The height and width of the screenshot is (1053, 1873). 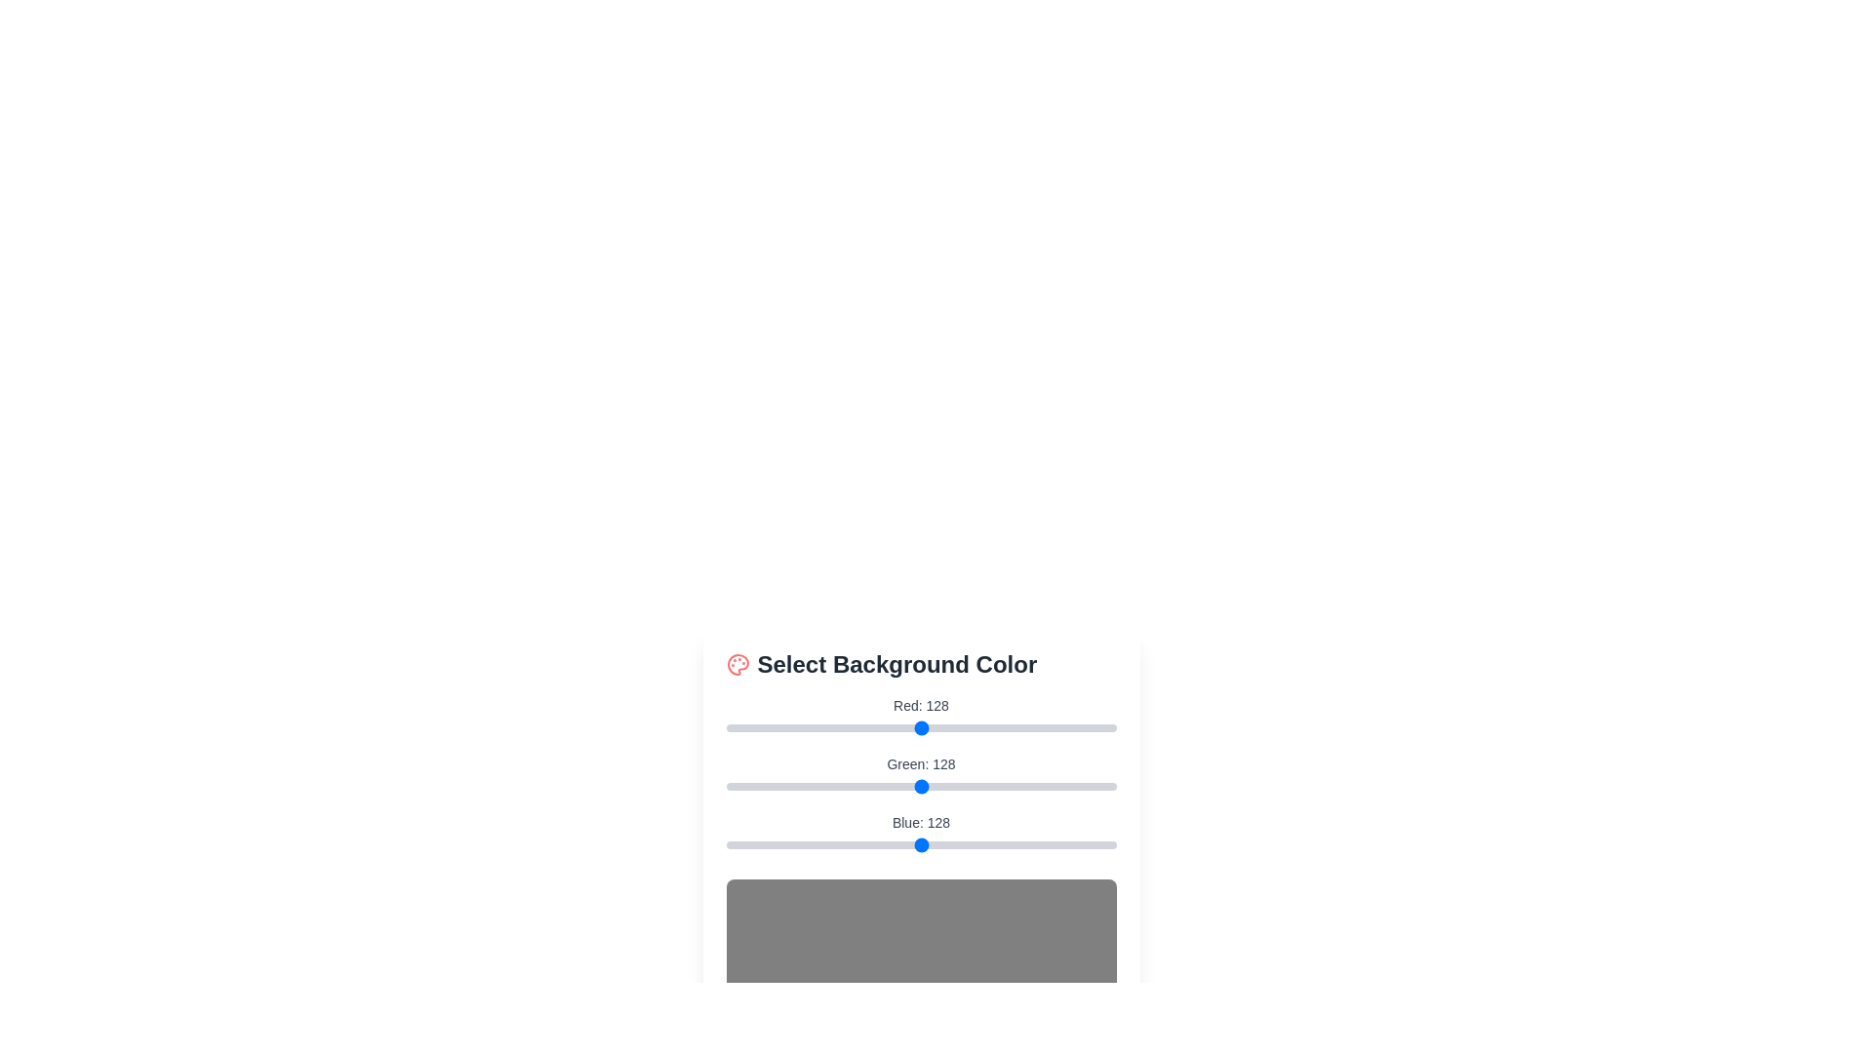 I want to click on the green color slider to set the green component to 43, so click(x=791, y=785).